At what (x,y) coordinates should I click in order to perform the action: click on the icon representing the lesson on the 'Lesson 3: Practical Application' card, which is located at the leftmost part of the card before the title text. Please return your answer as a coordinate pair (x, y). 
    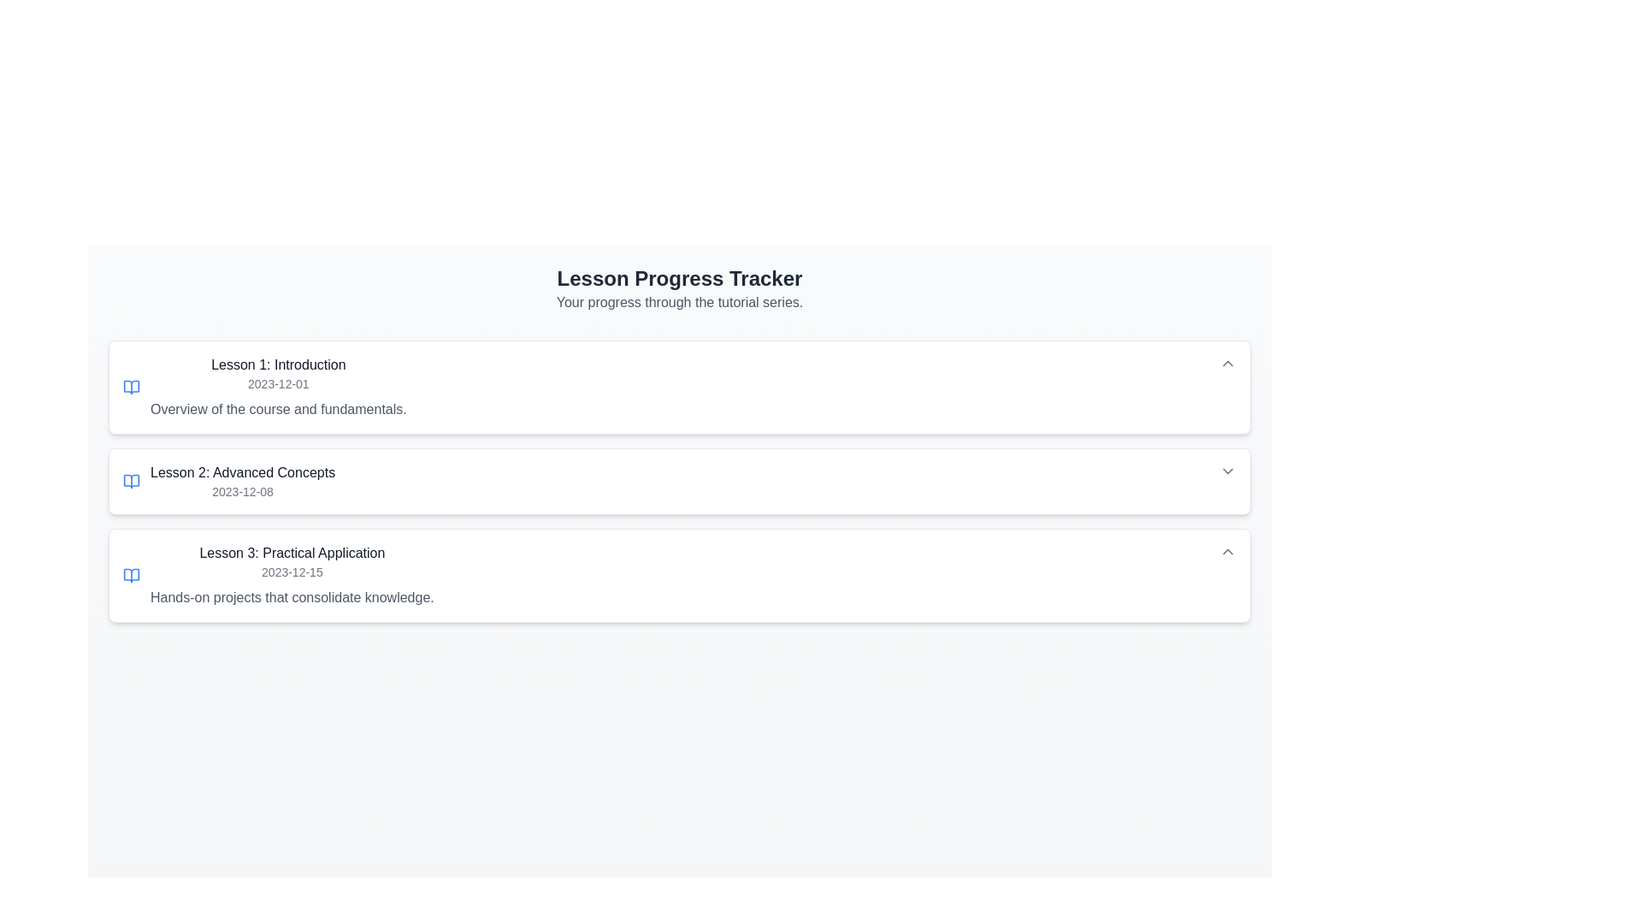
    Looking at the image, I should click on (130, 575).